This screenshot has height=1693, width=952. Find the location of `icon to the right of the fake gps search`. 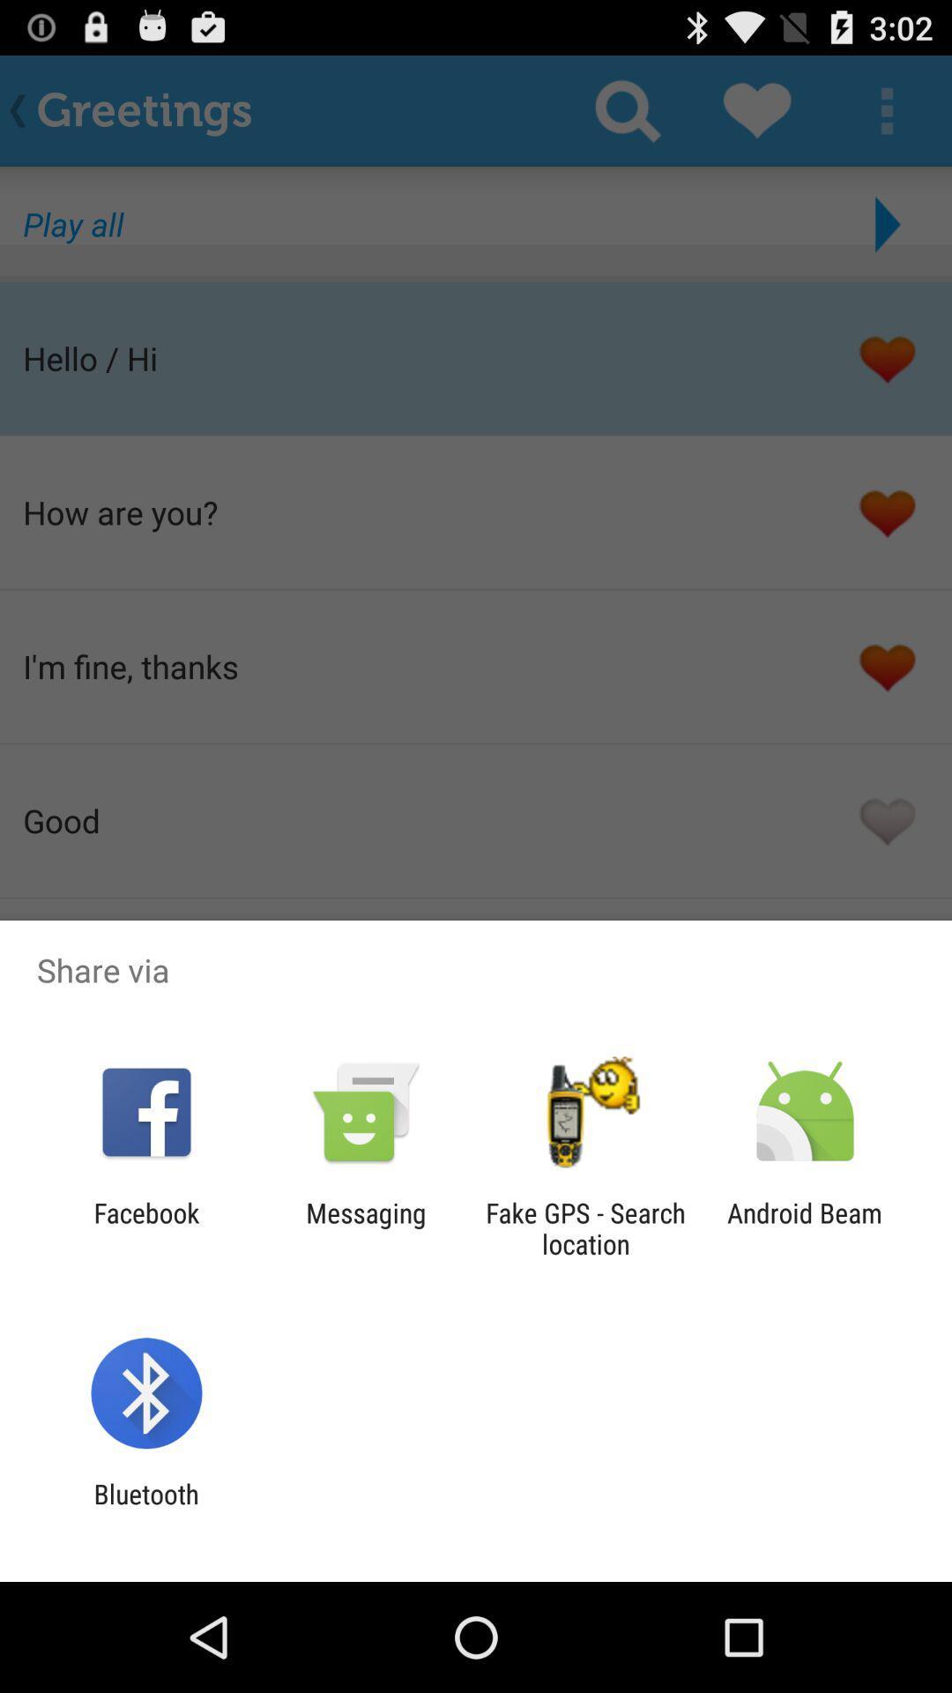

icon to the right of the fake gps search is located at coordinates (805, 1227).